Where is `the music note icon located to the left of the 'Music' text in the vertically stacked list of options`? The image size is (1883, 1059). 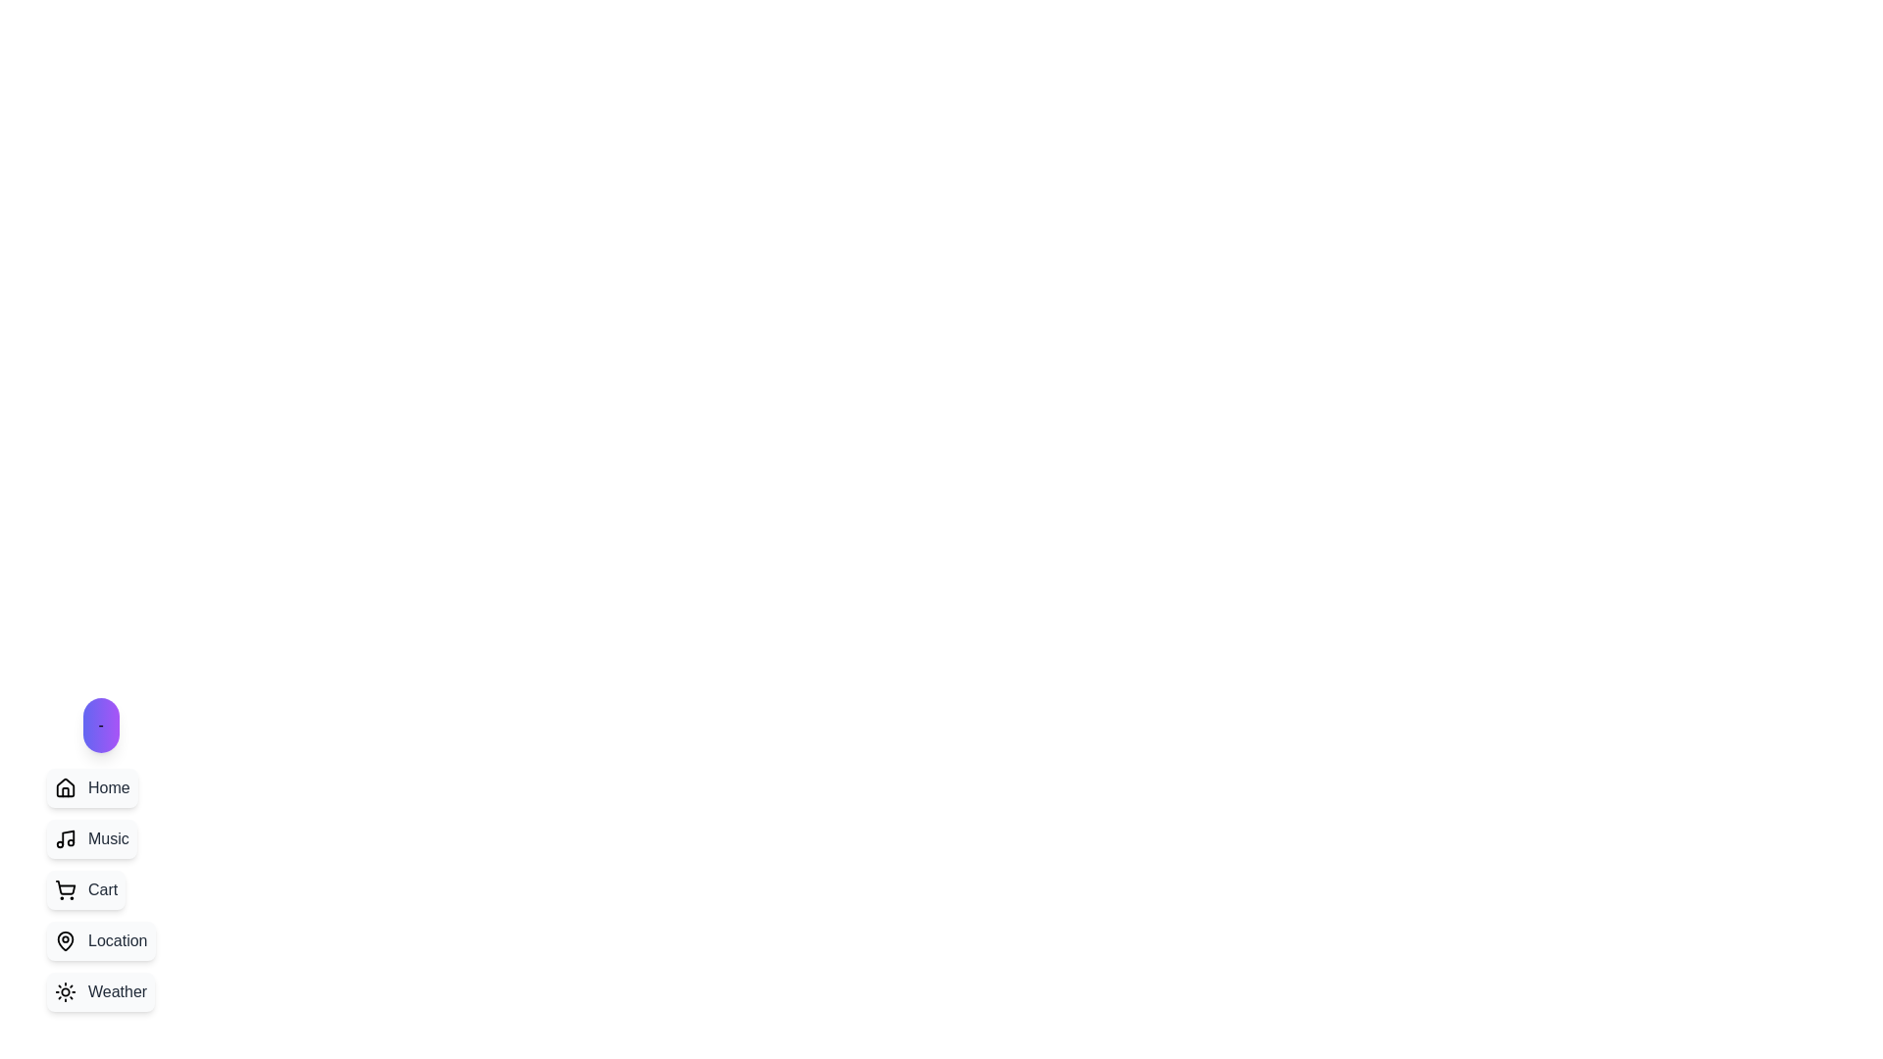 the music note icon located to the left of the 'Music' text in the vertically stacked list of options is located at coordinates (66, 838).